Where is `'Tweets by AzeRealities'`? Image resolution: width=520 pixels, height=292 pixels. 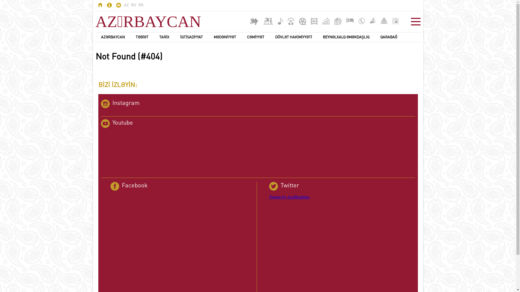
'Tweets by AzeRealities' is located at coordinates (289, 197).